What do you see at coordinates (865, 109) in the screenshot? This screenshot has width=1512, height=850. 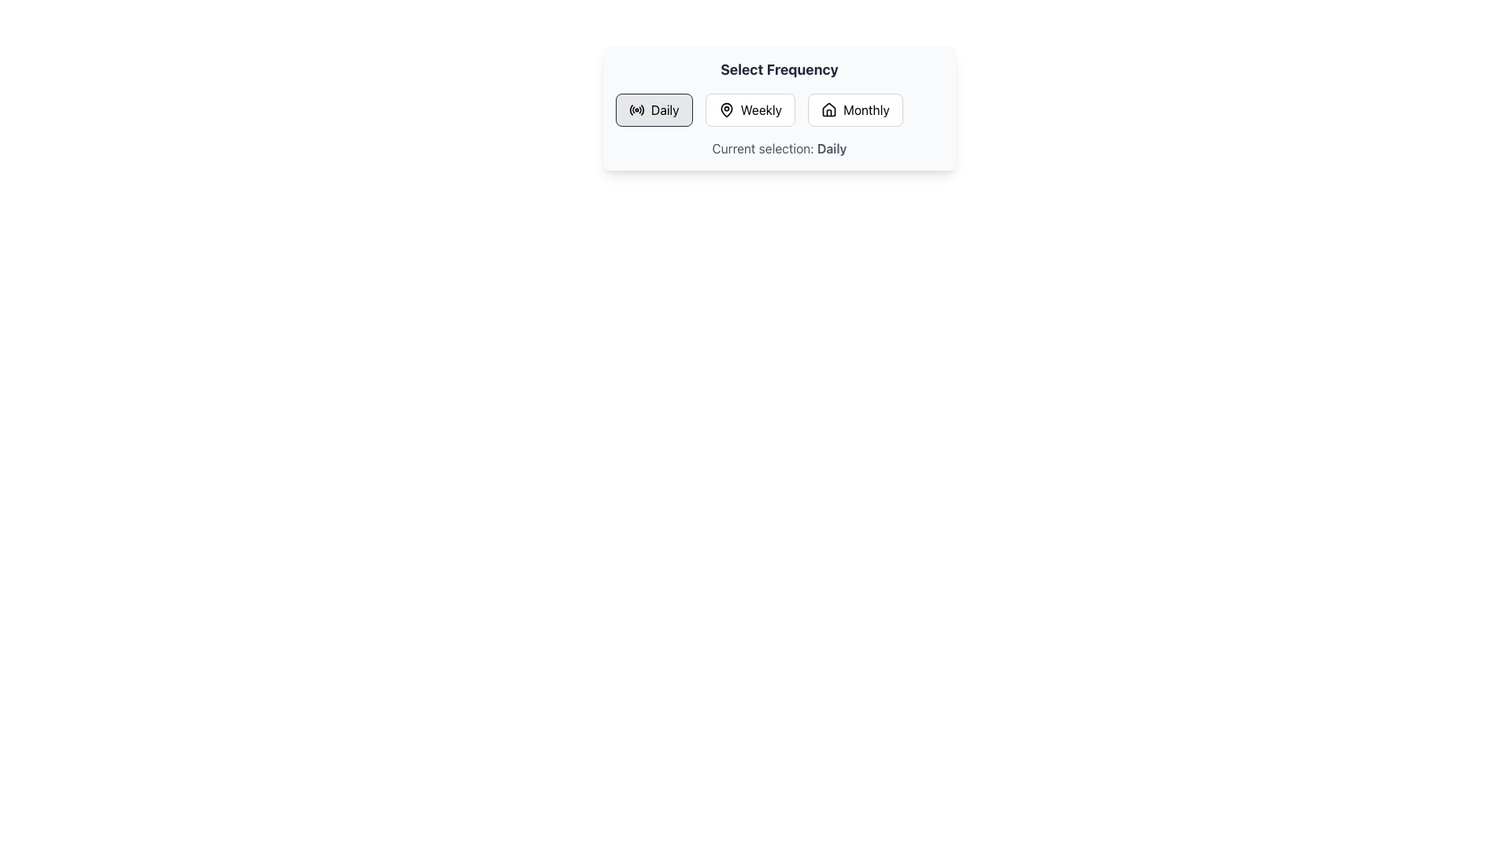 I see `the 'Monthly' text label inside the frequency selection buttons` at bounding box center [865, 109].